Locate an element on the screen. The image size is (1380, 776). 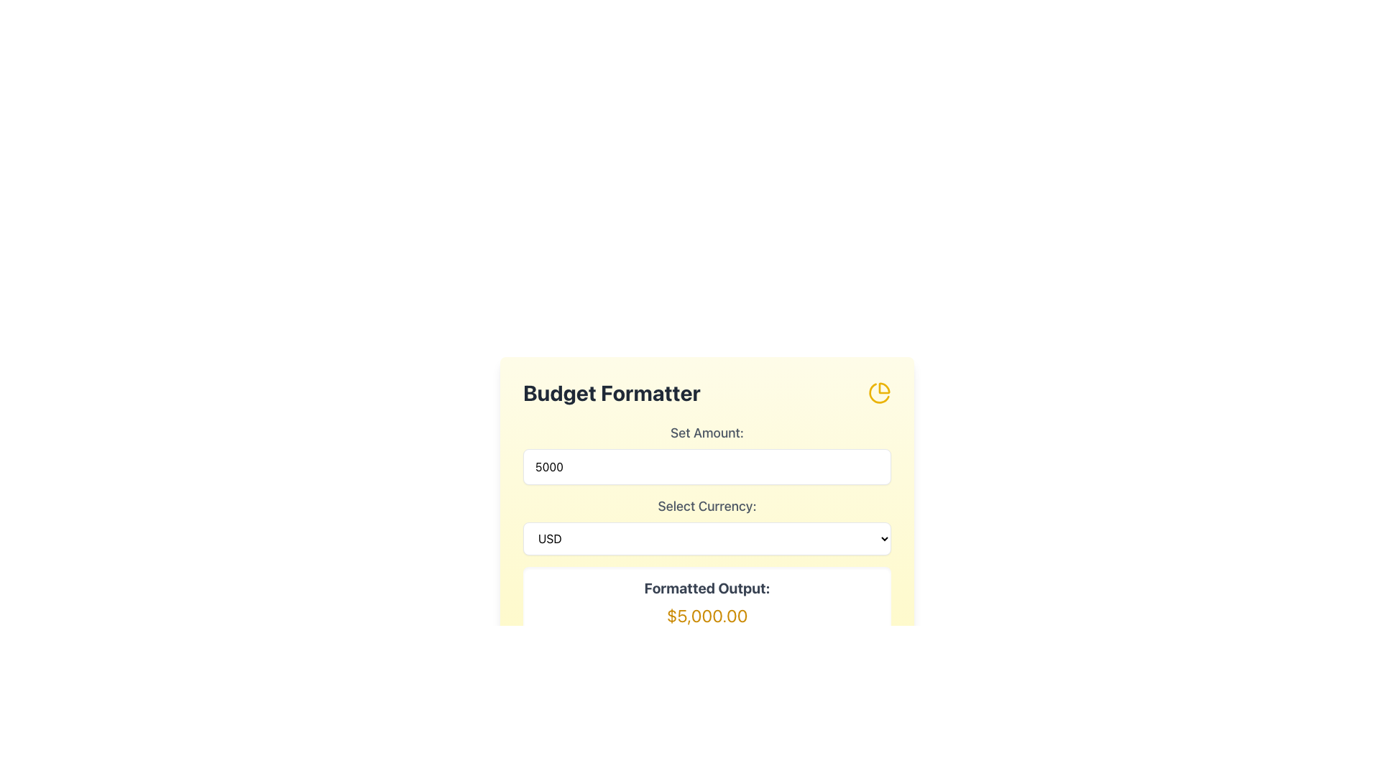
the decorative segment of the pie chart icon located in the upper-right area of the 'Budget Formatter' interface is located at coordinates (883, 388).